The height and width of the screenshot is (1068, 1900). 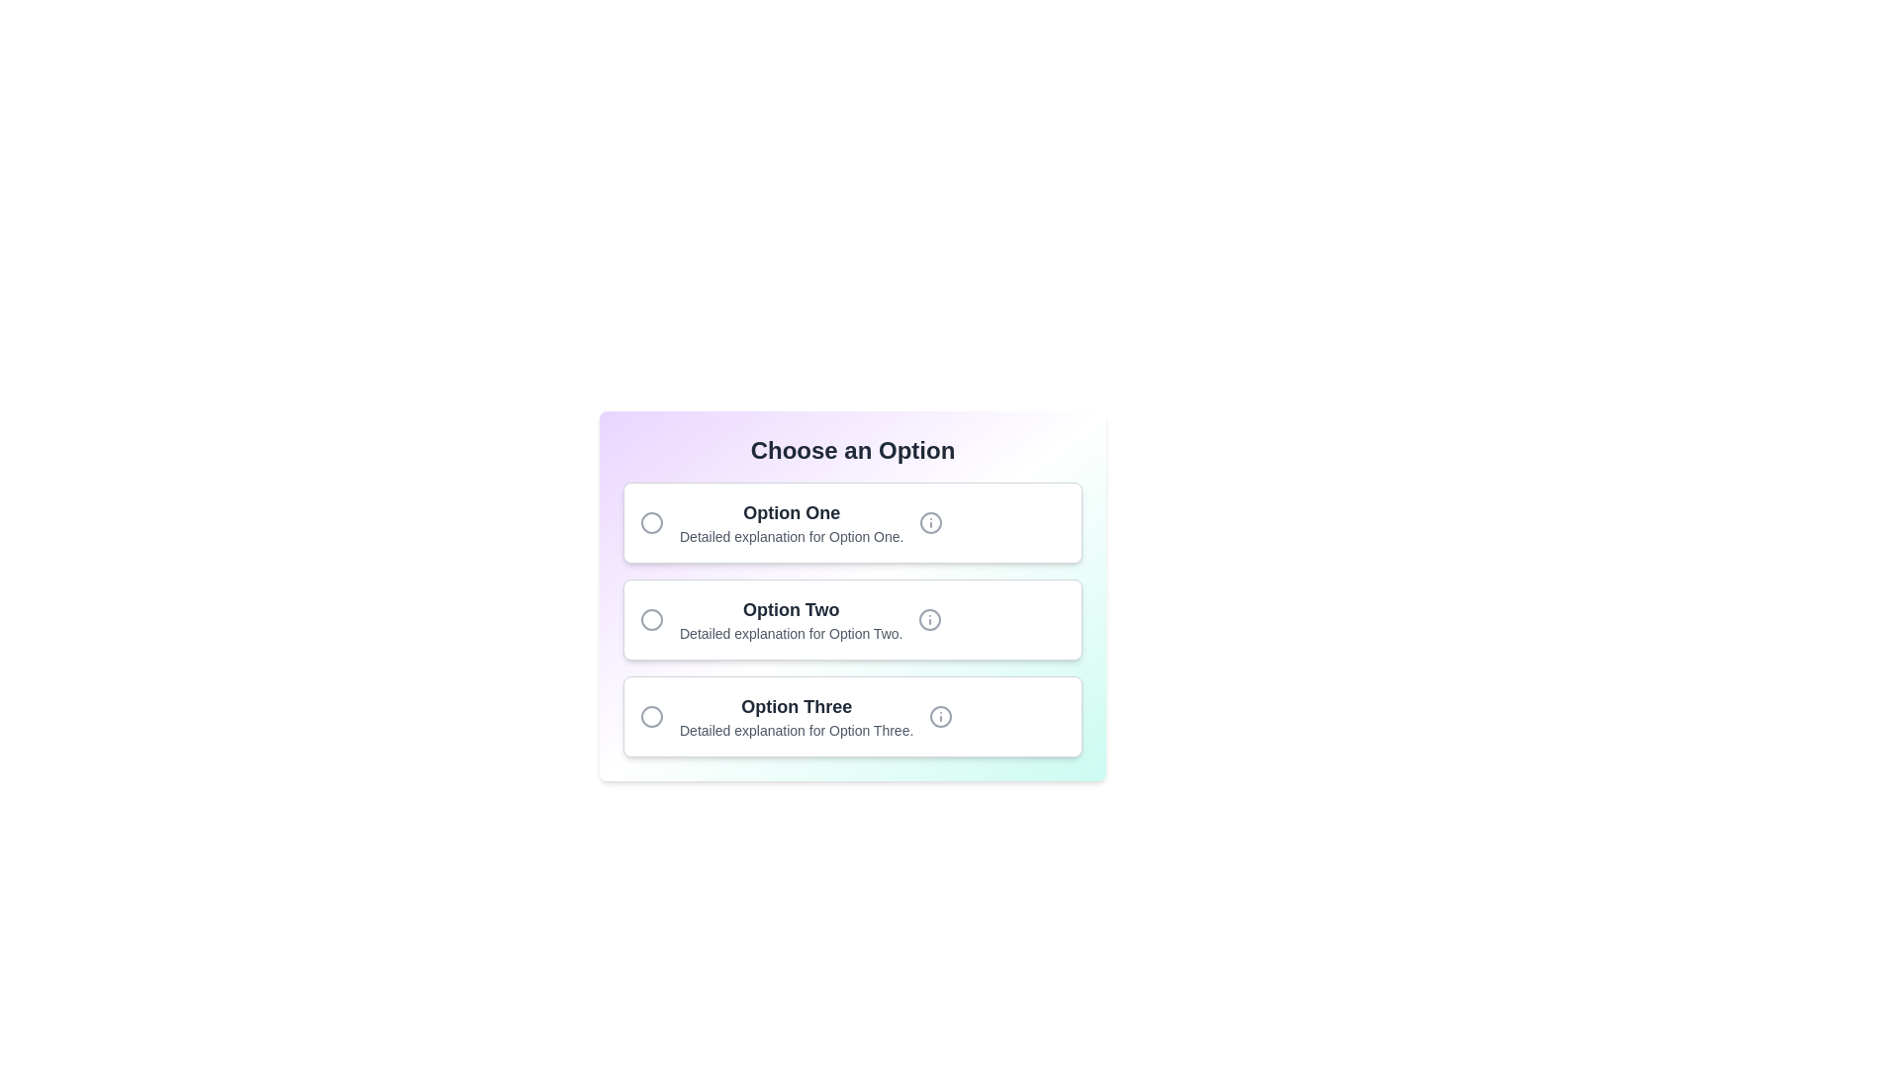 What do you see at coordinates (790, 619) in the screenshot?
I see `the static content element that presents the title and description of the second selectable option in the choice list, located between 'Option One' and 'Option Three'` at bounding box center [790, 619].